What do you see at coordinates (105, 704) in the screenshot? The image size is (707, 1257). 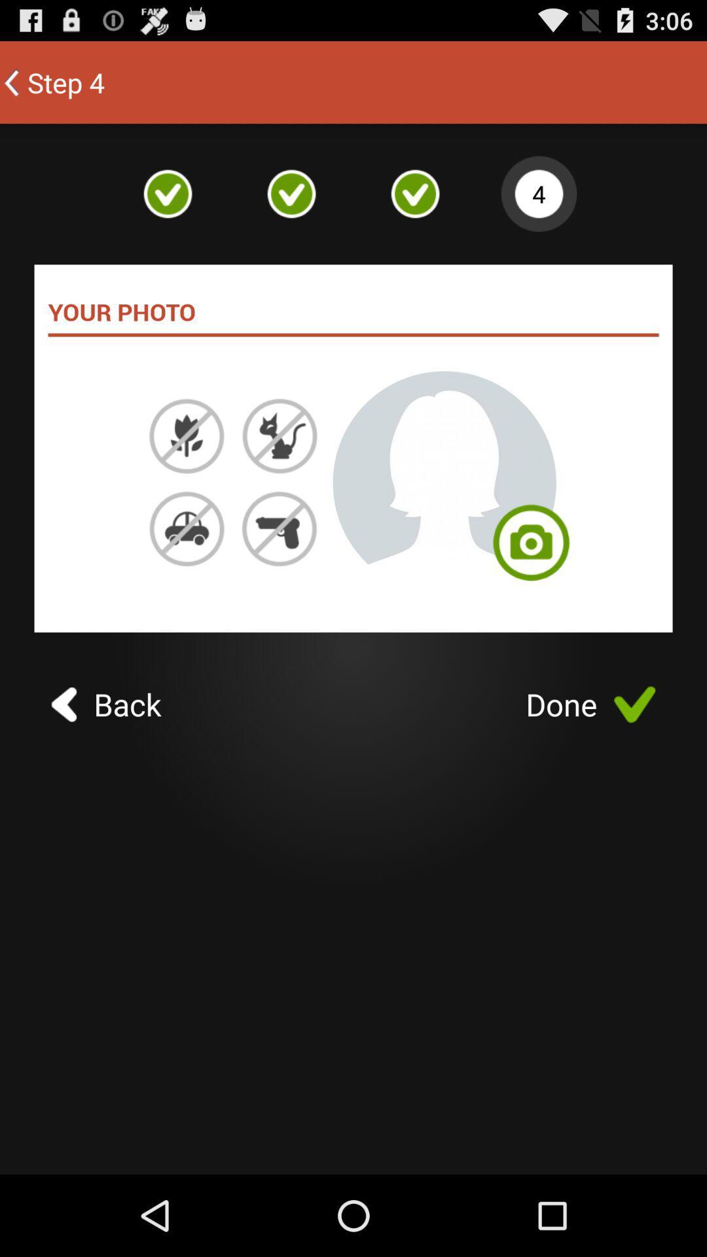 I see `back` at bounding box center [105, 704].